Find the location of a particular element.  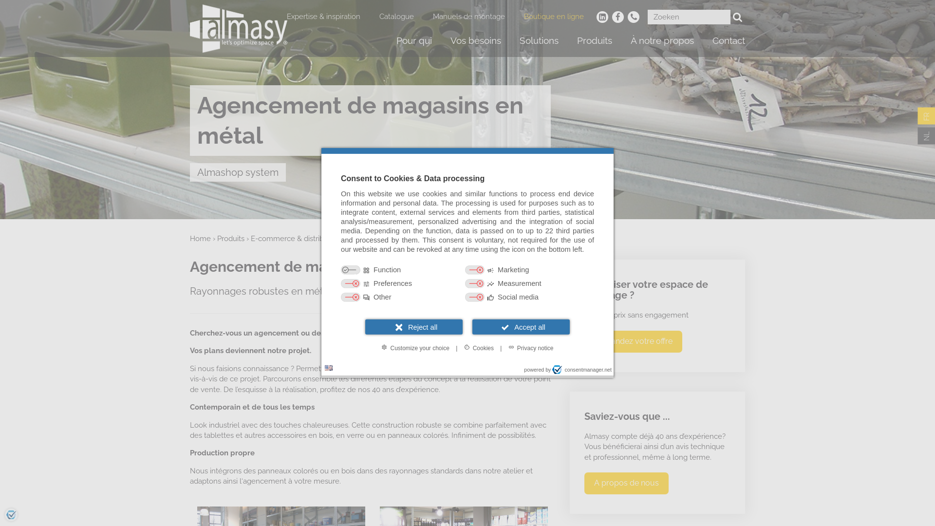

'Boutique en ligne' is located at coordinates (554, 17).